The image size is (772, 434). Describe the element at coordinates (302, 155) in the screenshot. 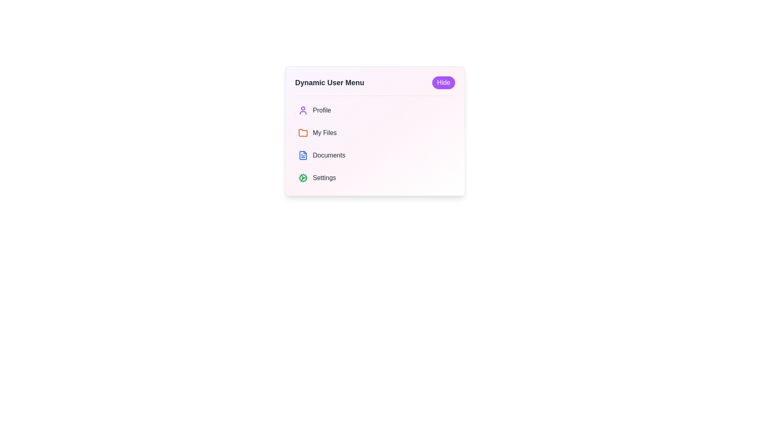

I see `the 'Documents' icon in the 'Dynamic User Menu', which is the third entry in the vertical list, positioned to the left of the 'Documents' label` at that location.